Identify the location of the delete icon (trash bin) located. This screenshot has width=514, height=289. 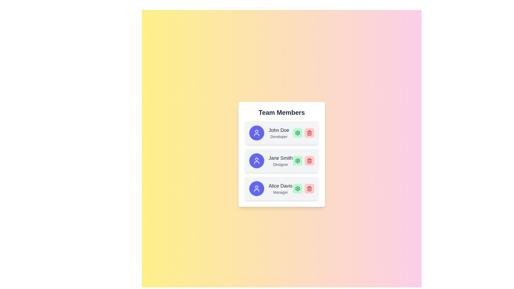
(309, 188).